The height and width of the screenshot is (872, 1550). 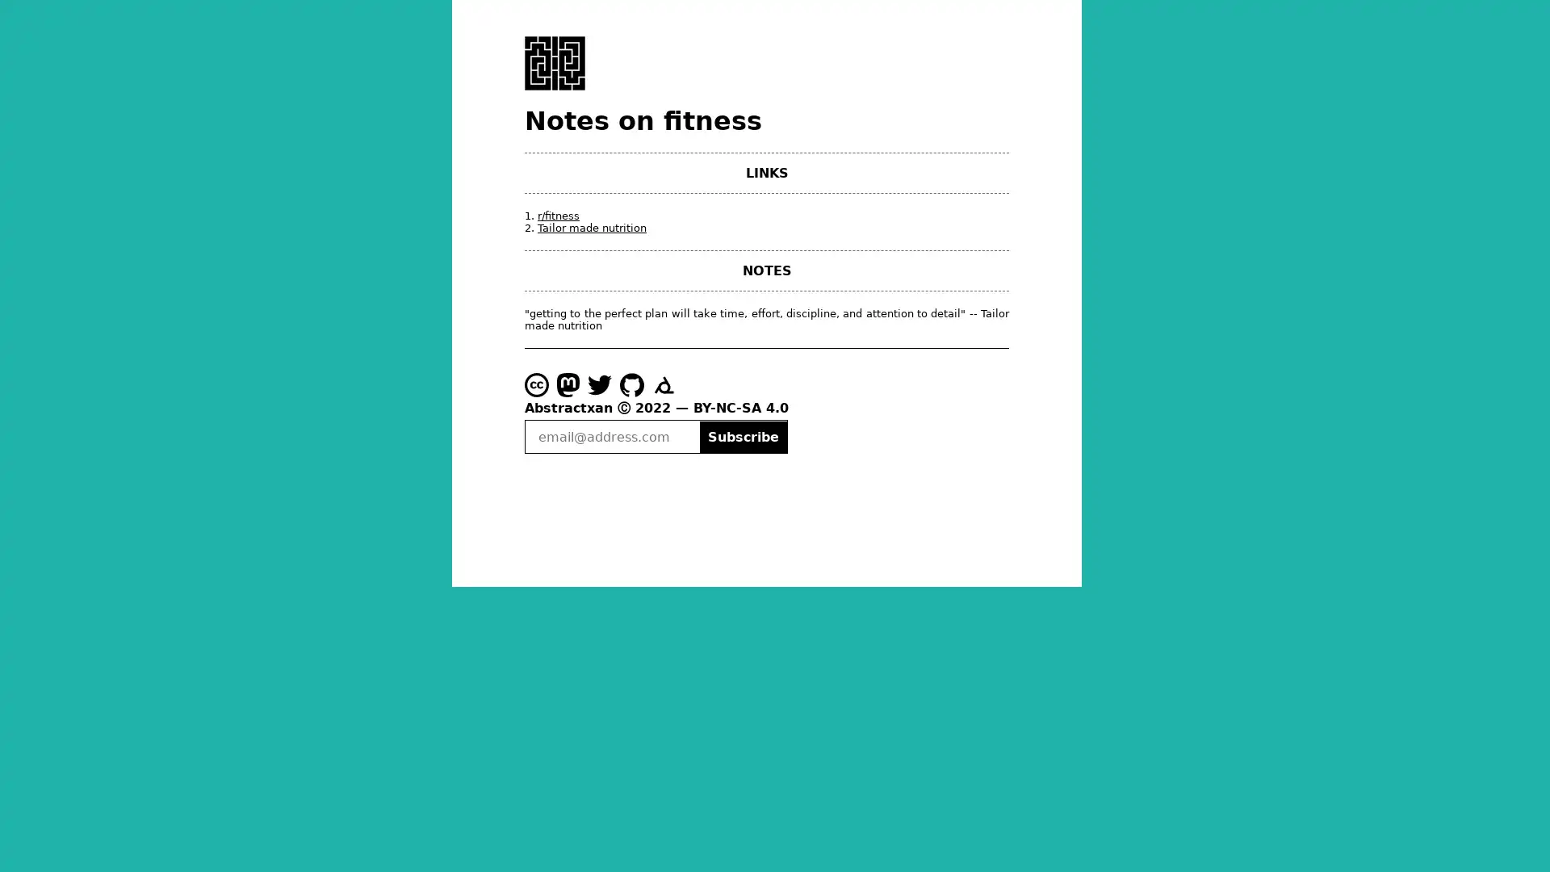 I want to click on Subscribe, so click(x=742, y=436).